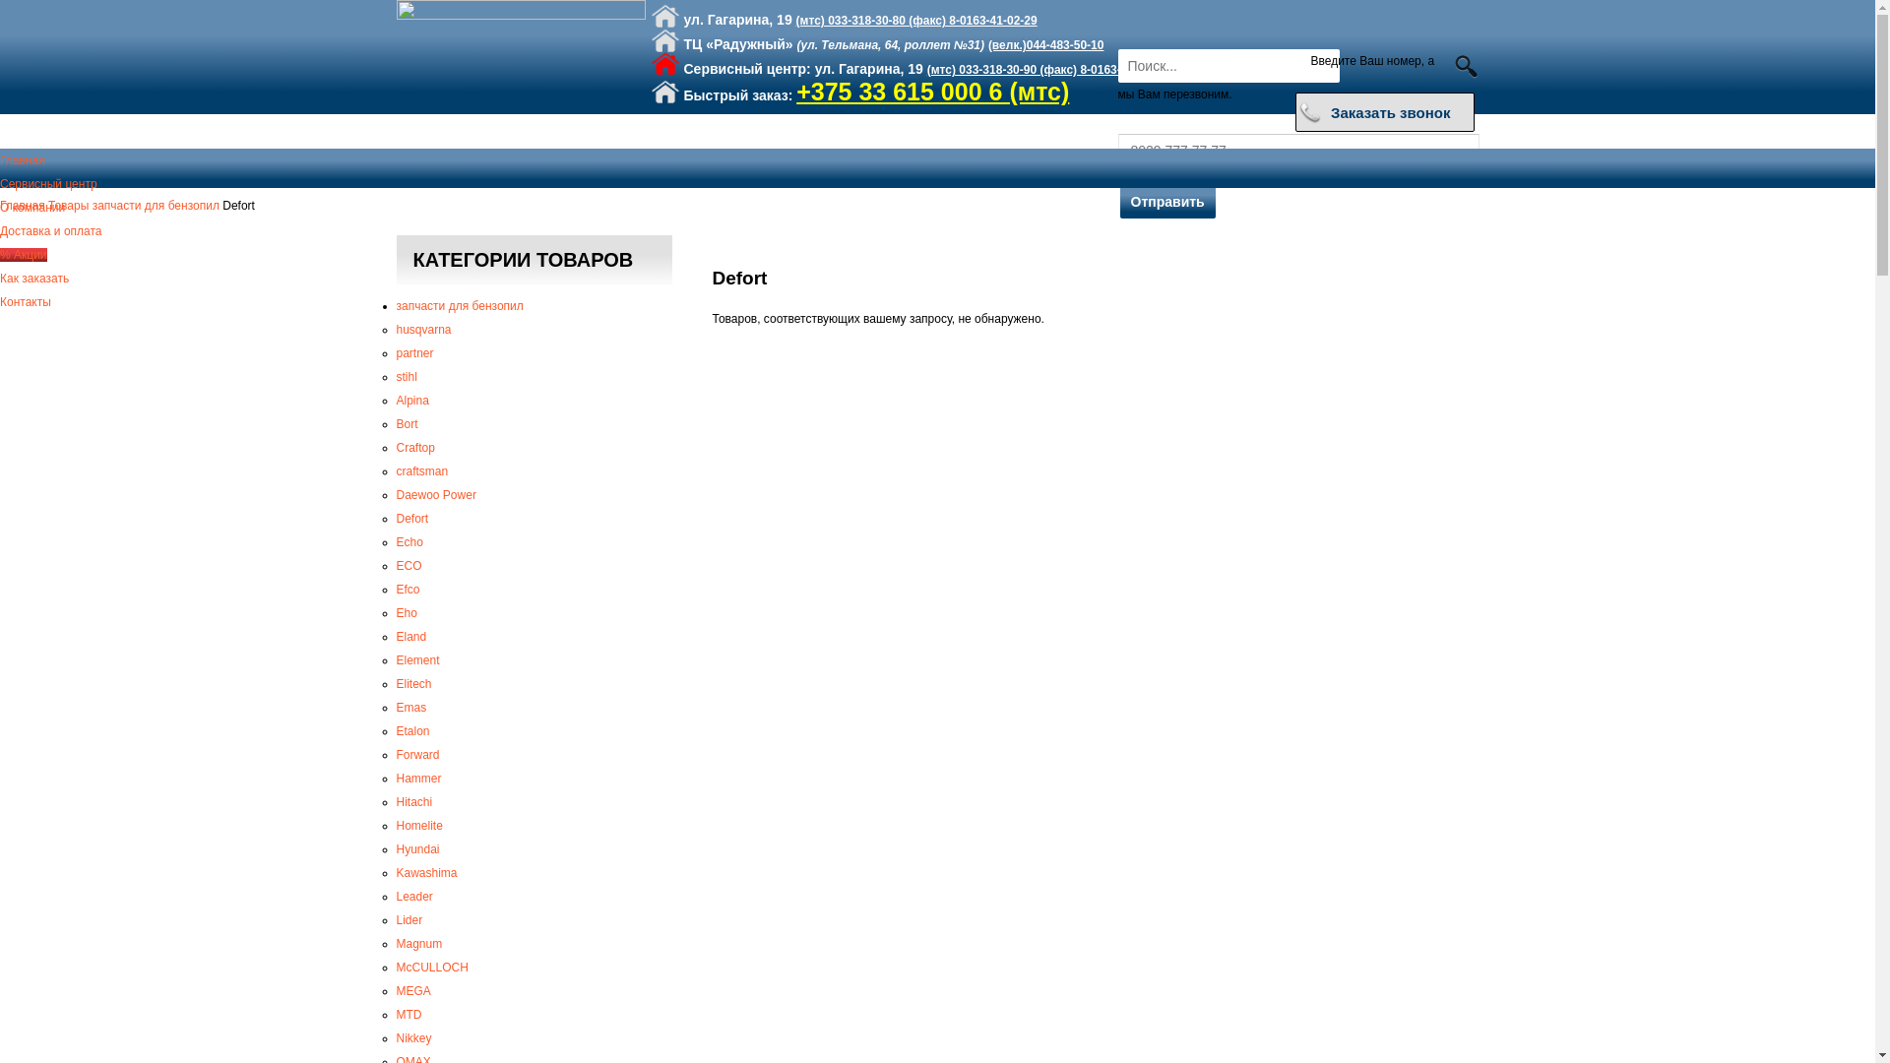 The image size is (1890, 1063). Describe the element at coordinates (405, 612) in the screenshot. I see `'Eho'` at that location.